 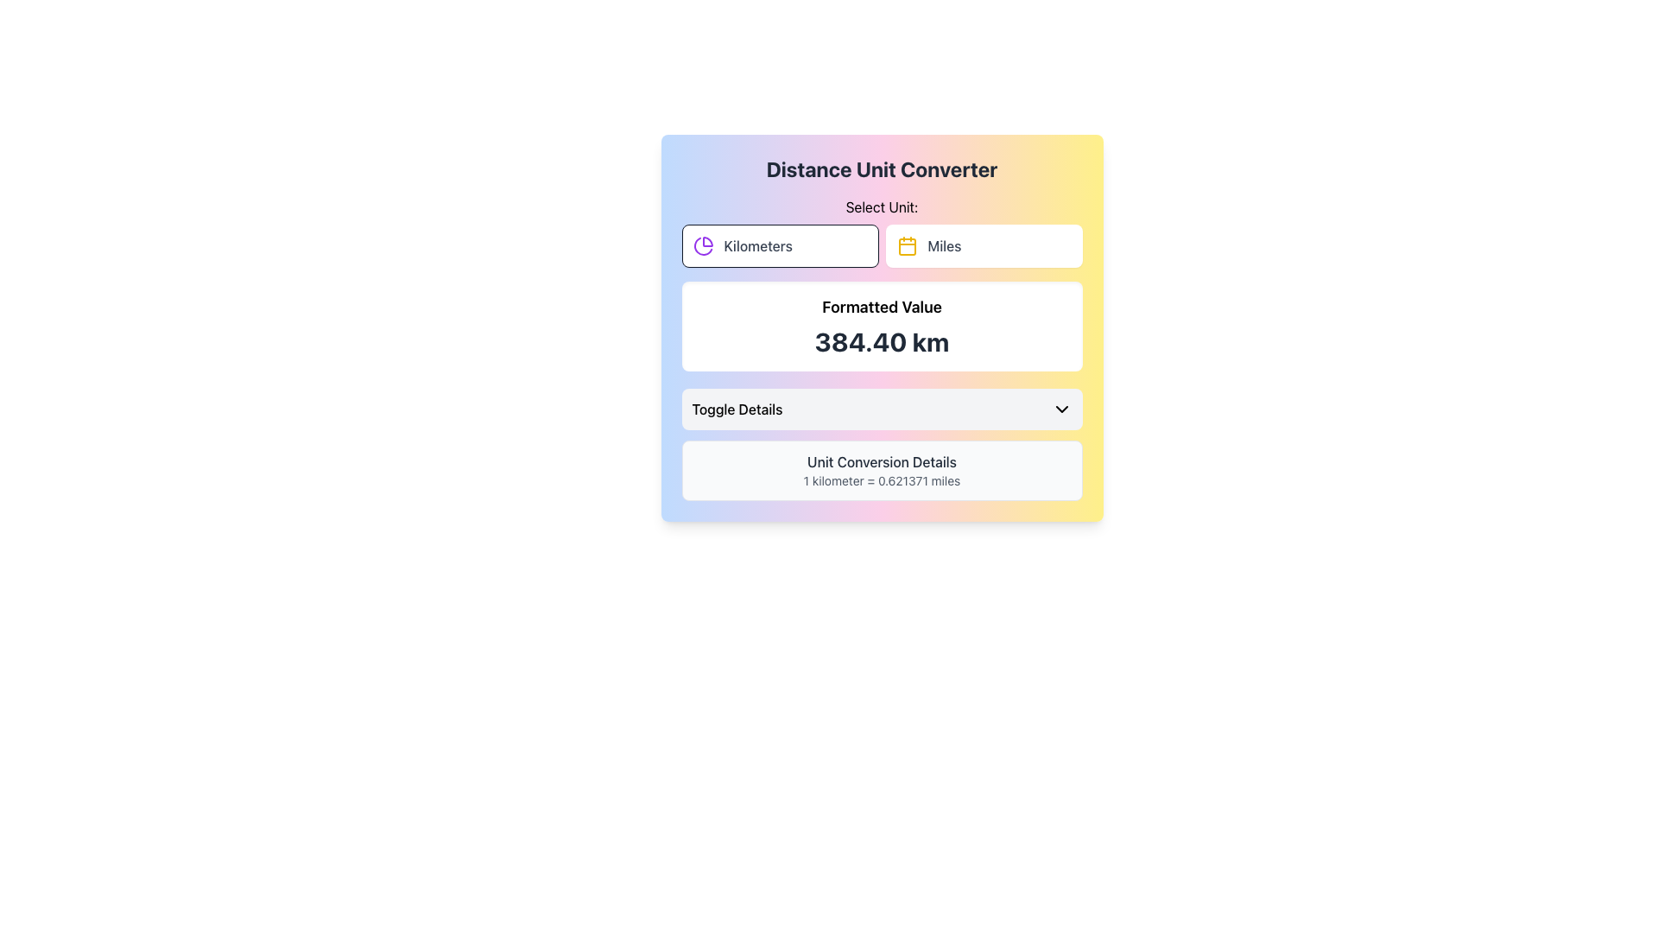 I want to click on the decorative shape within the yellow calendar icon that signifies the Miles option in the Distance Unit Converter panel, so click(x=906, y=246).